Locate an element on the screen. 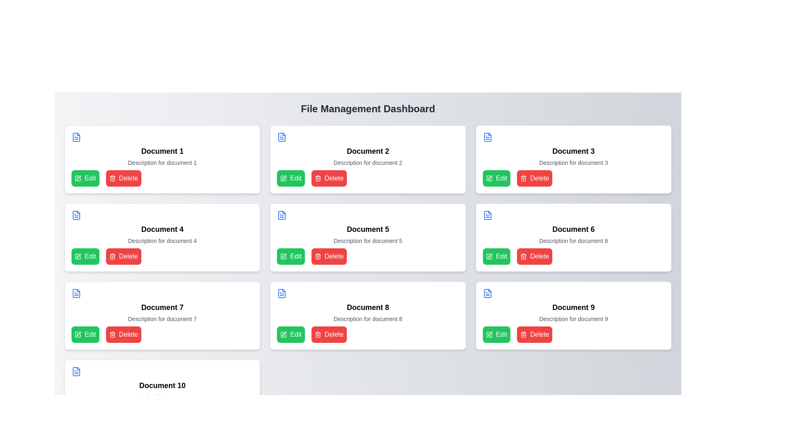 Image resolution: width=789 pixels, height=444 pixels. the editing icon located in the bottom left corner of the control panel associated with 'Document 10' is located at coordinates (79, 412).